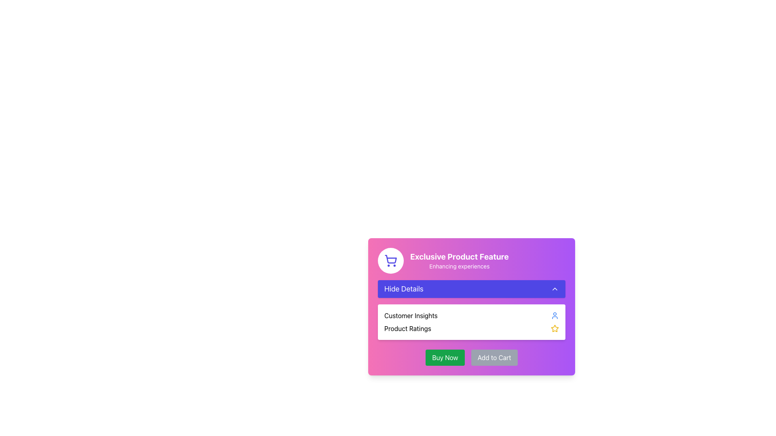  What do you see at coordinates (554, 328) in the screenshot?
I see `the star icon in the 'Product Ratings' row to rate or interact with the item` at bounding box center [554, 328].